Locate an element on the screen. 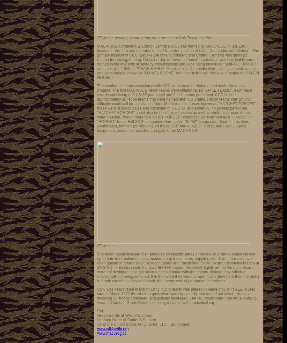  'Ref:' is located at coordinates (100, 311).